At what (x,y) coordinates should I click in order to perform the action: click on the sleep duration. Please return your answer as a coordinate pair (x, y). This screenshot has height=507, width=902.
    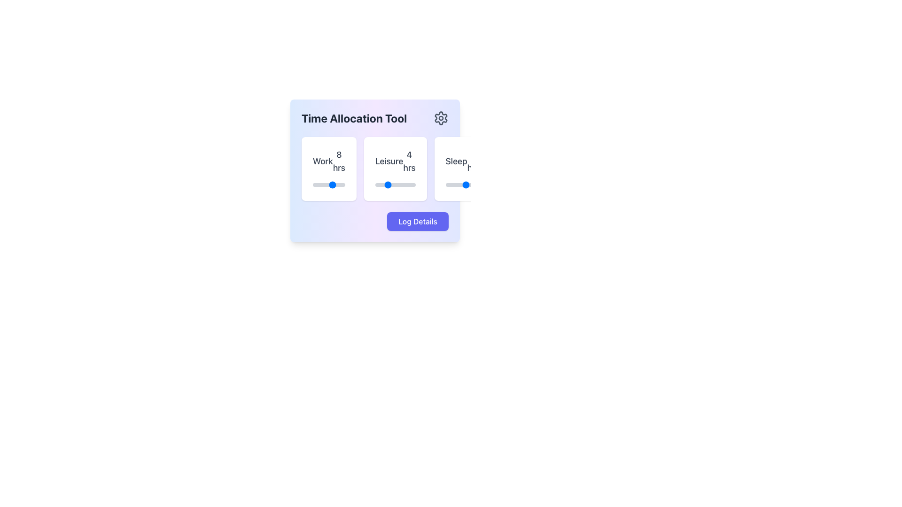
    Looking at the image, I should click on (473, 184).